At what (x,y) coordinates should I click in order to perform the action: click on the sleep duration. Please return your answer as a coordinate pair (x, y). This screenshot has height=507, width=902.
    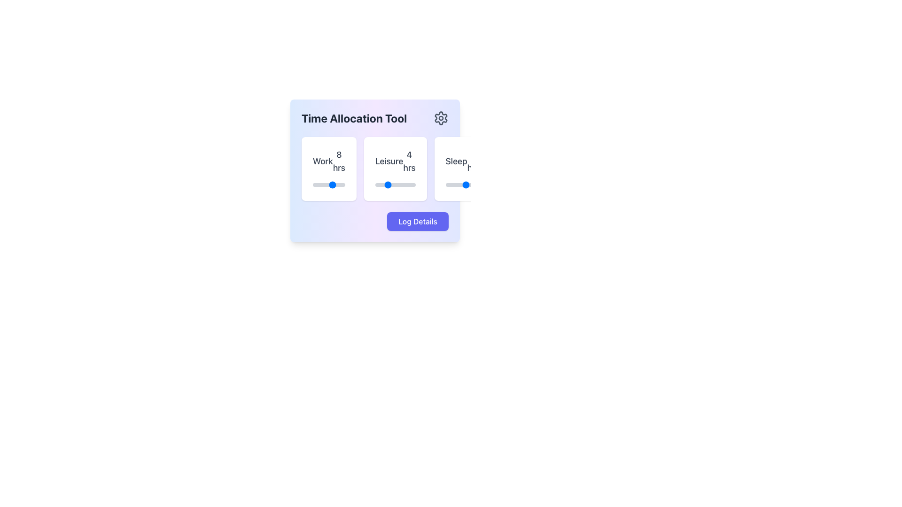
    Looking at the image, I should click on (473, 184).